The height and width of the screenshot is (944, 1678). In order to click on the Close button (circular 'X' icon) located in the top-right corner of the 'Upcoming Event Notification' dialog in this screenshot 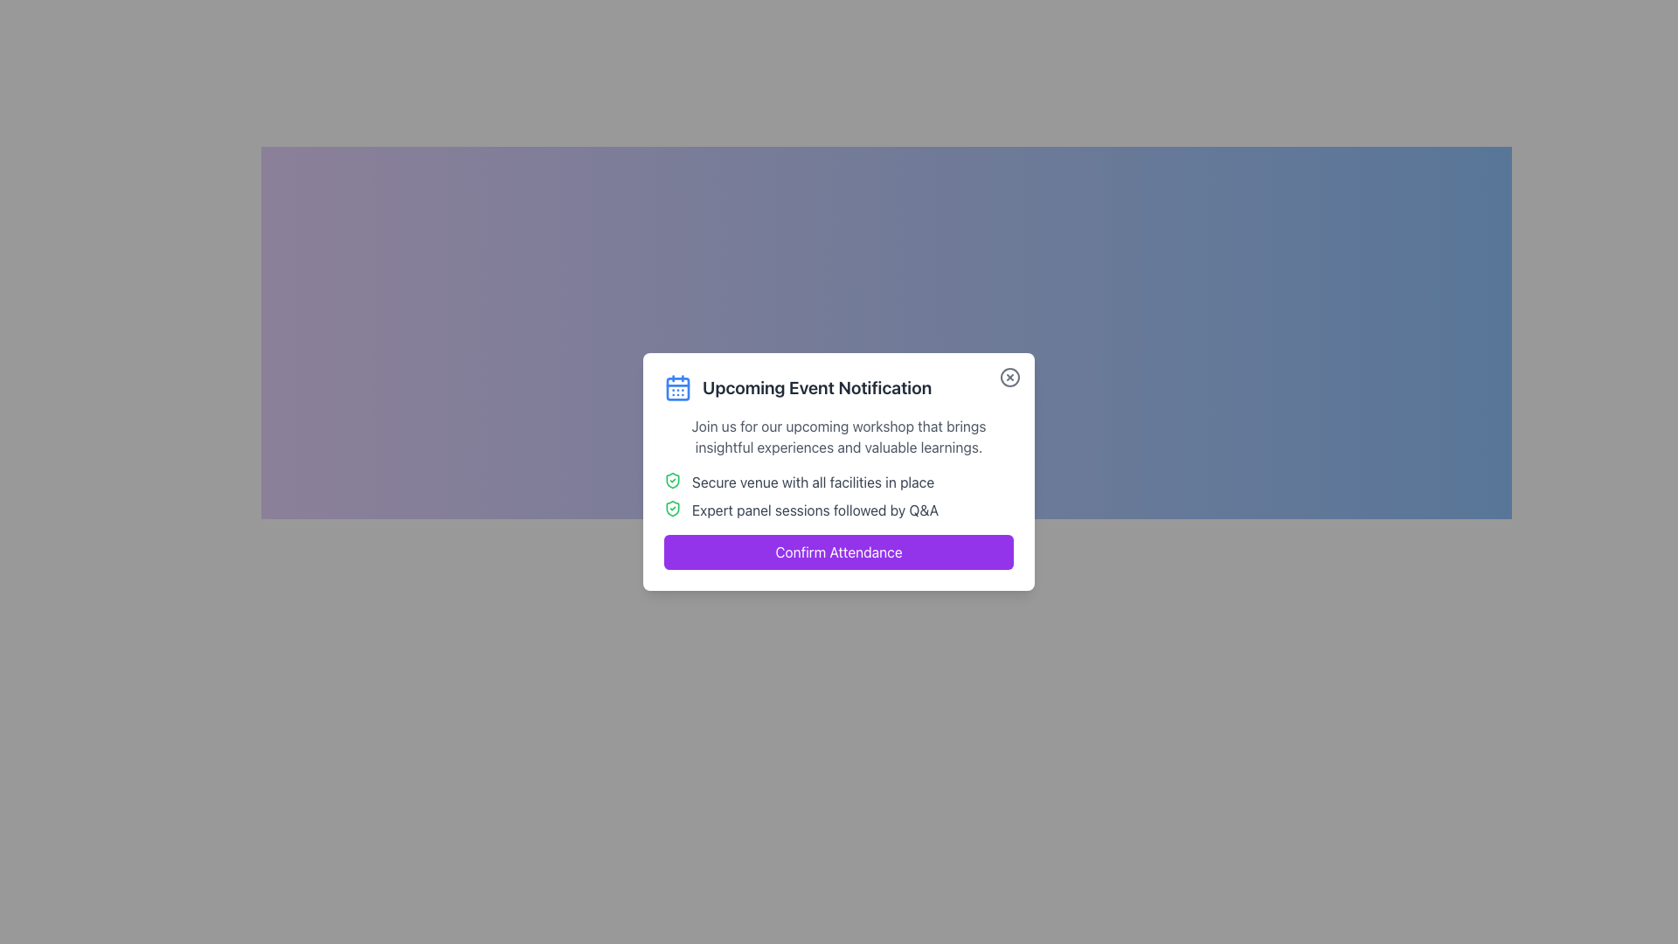, I will do `click(1010, 377)`.